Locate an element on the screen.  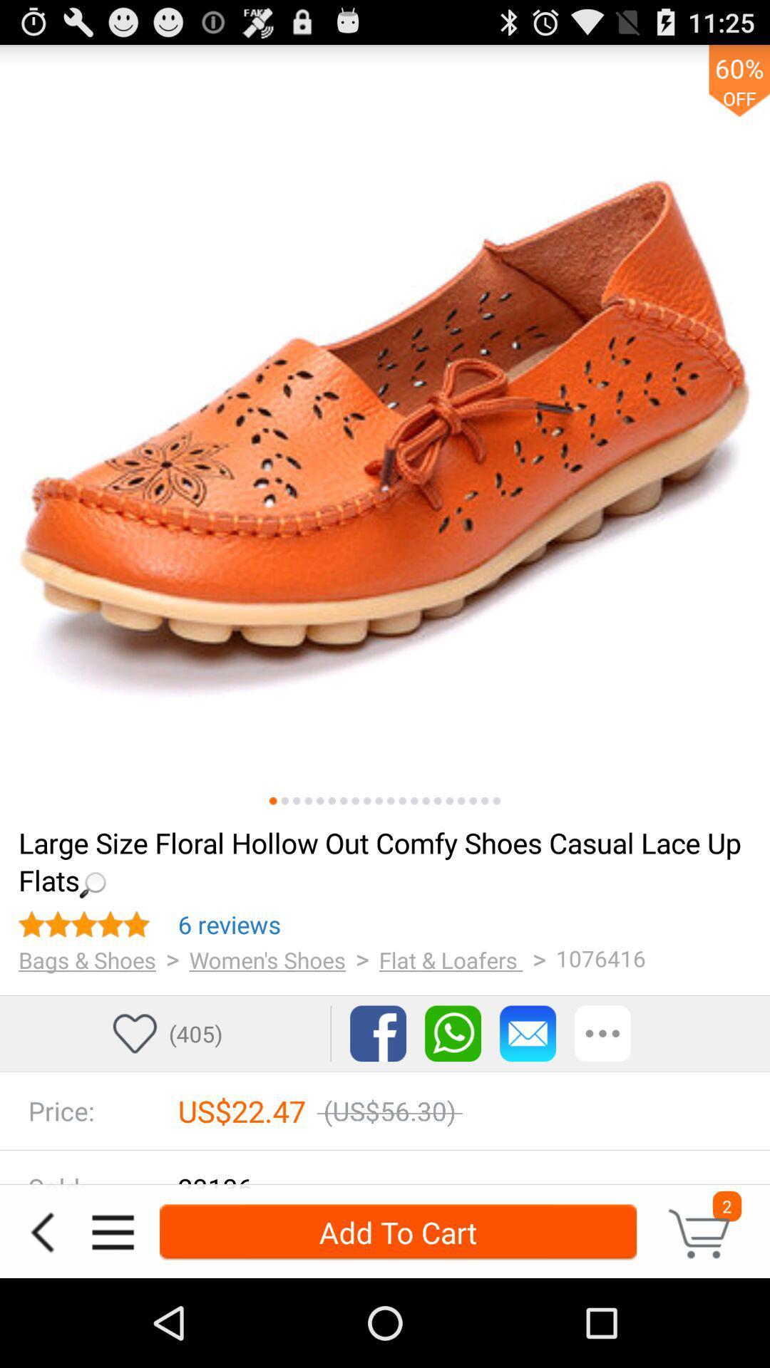
the 19th picture is located at coordinates (484, 801).